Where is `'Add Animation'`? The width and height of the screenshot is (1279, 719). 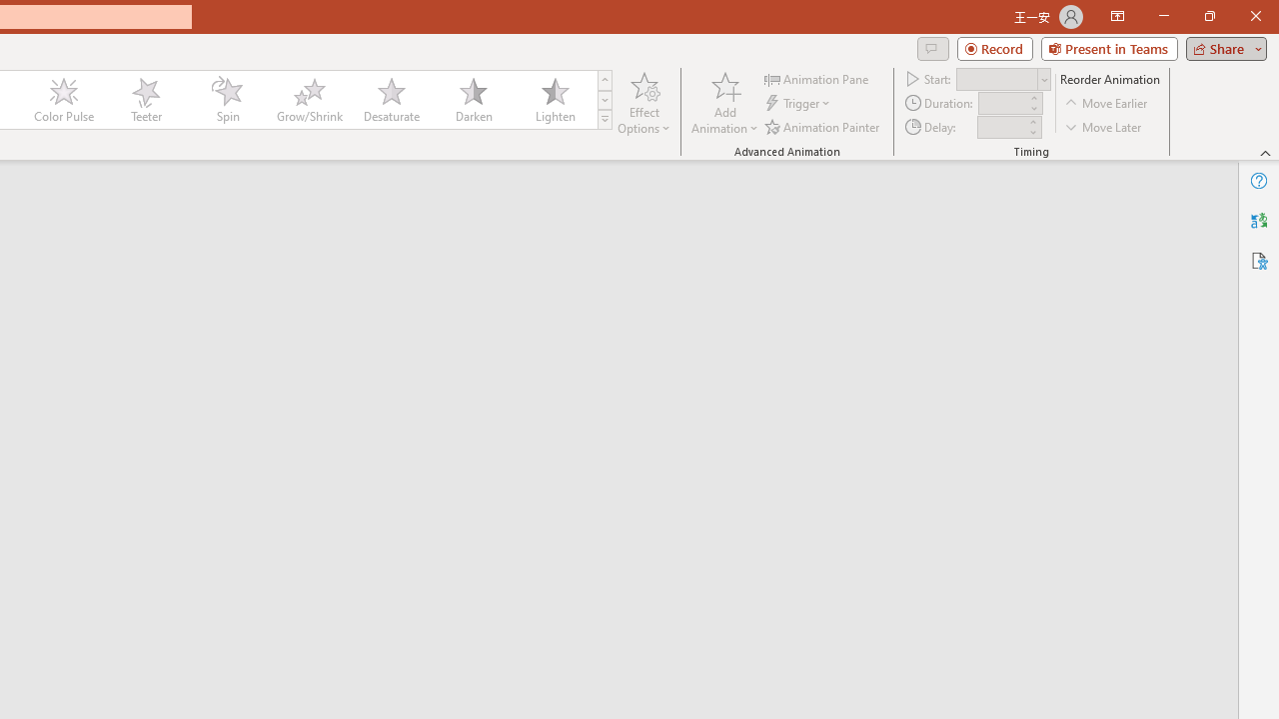 'Add Animation' is located at coordinates (723, 103).